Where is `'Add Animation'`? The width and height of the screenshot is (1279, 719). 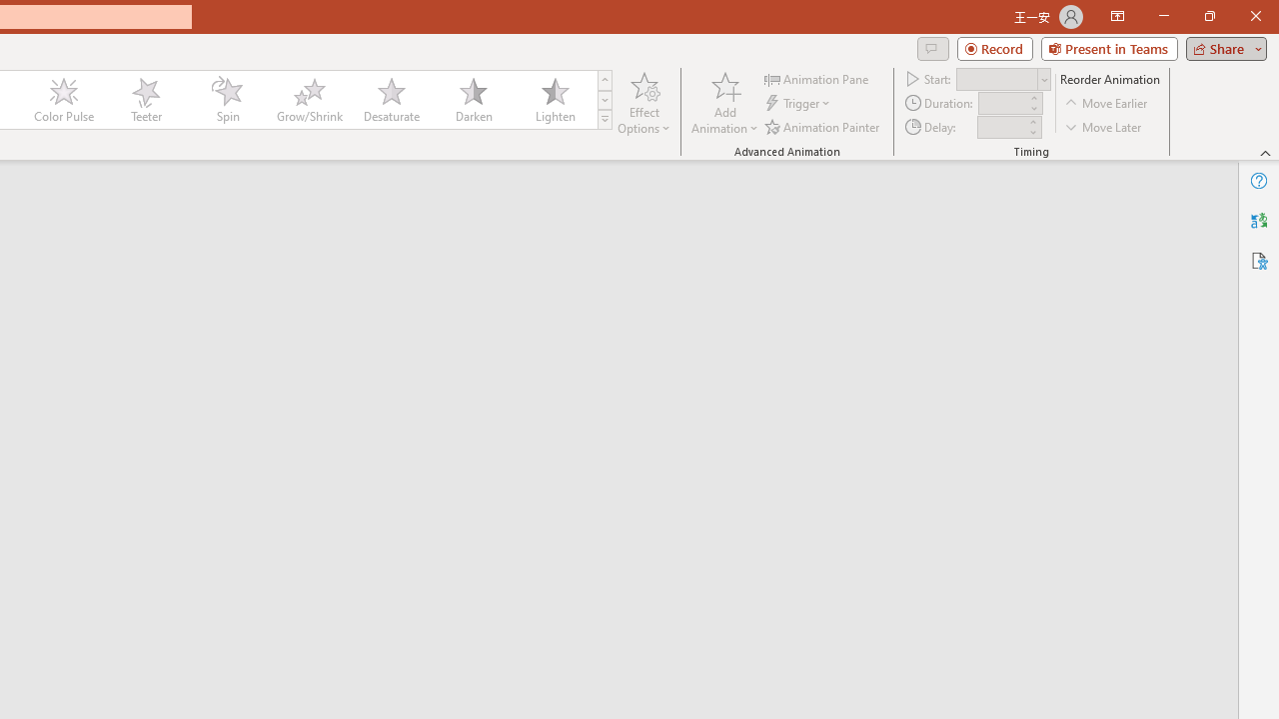 'Add Animation' is located at coordinates (723, 103).